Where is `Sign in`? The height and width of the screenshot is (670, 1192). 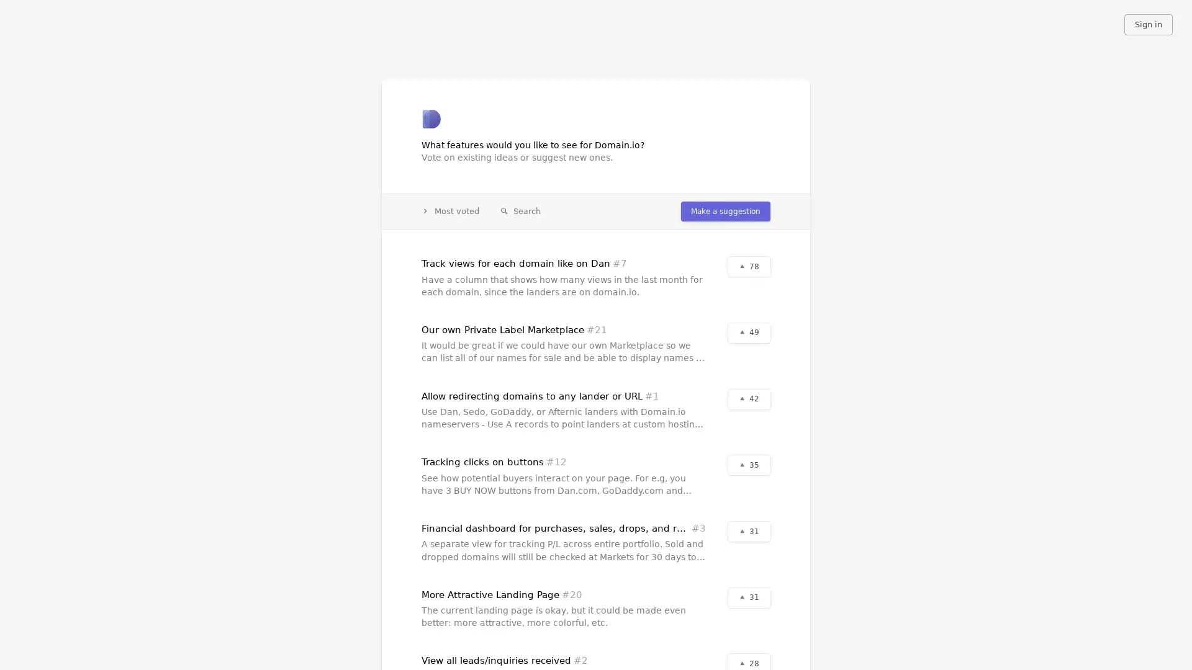 Sign in is located at coordinates (1147, 24).